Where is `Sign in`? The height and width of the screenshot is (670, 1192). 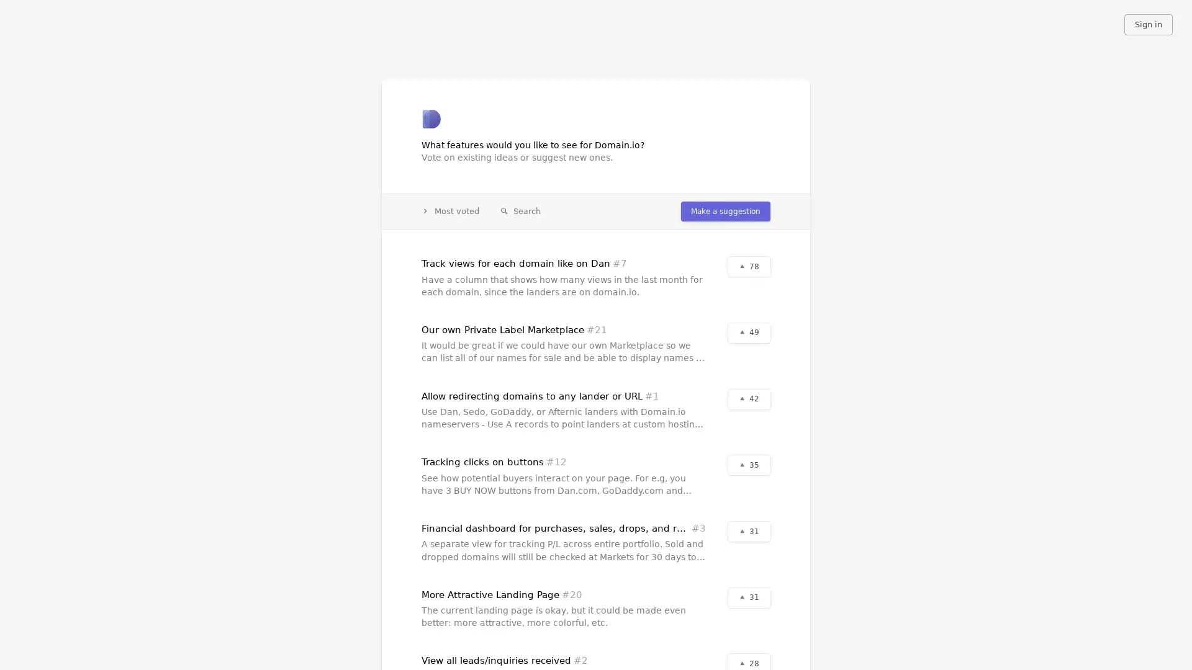 Sign in is located at coordinates (1147, 24).